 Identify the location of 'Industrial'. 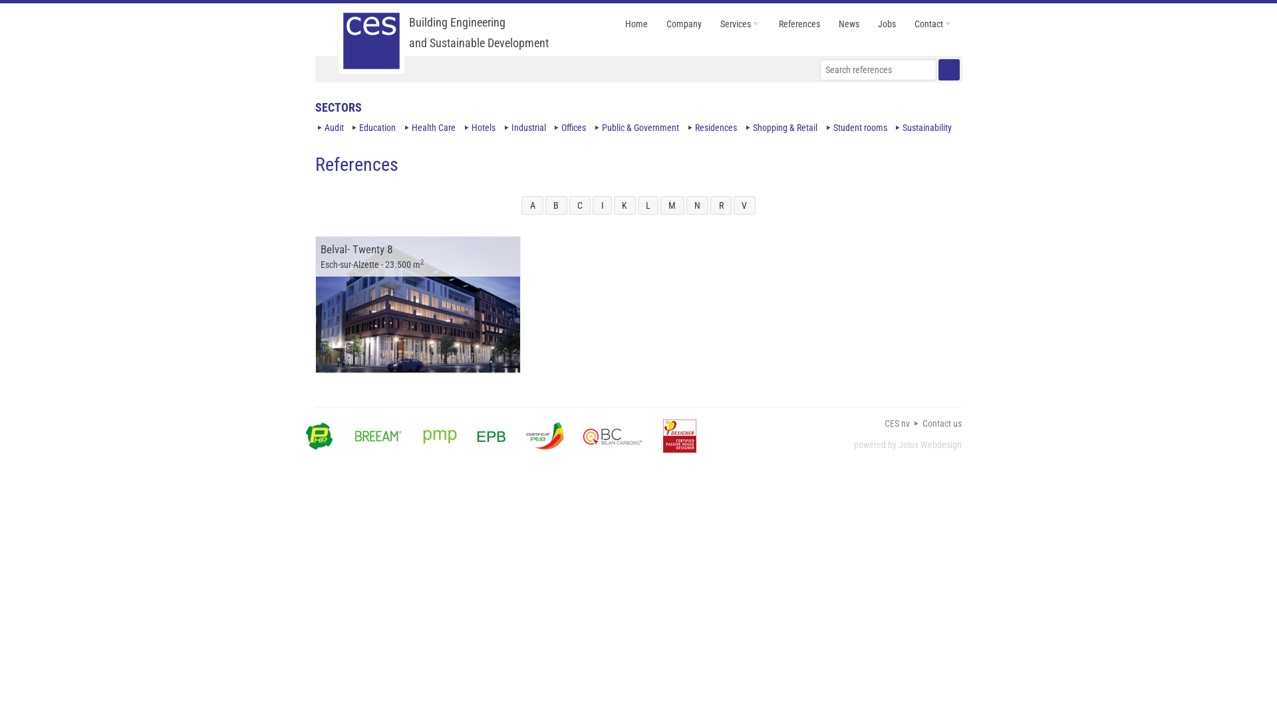
(528, 128).